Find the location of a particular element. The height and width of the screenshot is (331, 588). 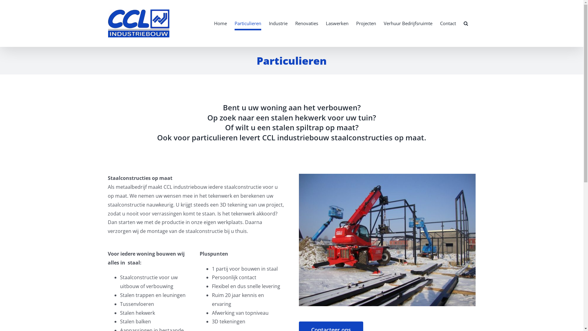

'Staalconstructie dag 1 022' is located at coordinates (299, 240).